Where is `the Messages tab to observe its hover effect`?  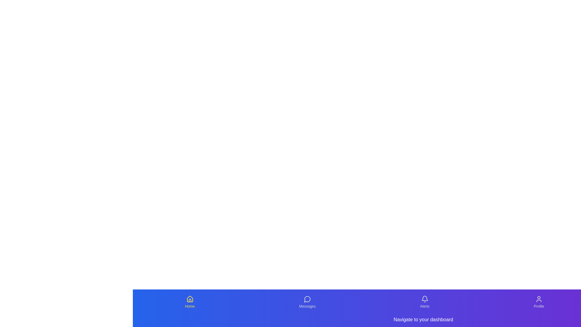 the Messages tab to observe its hover effect is located at coordinates (307, 302).